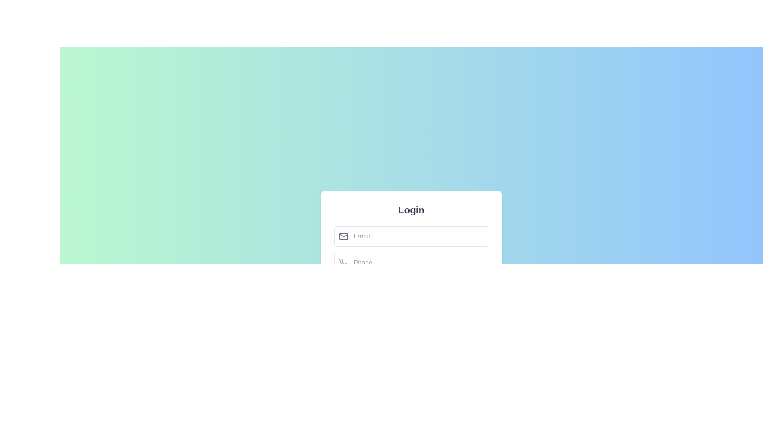  Describe the element at coordinates (343, 236) in the screenshot. I see `the email icon located on the left side of the email input field, which visually indicates that the associated input field is for entering an email address` at that location.